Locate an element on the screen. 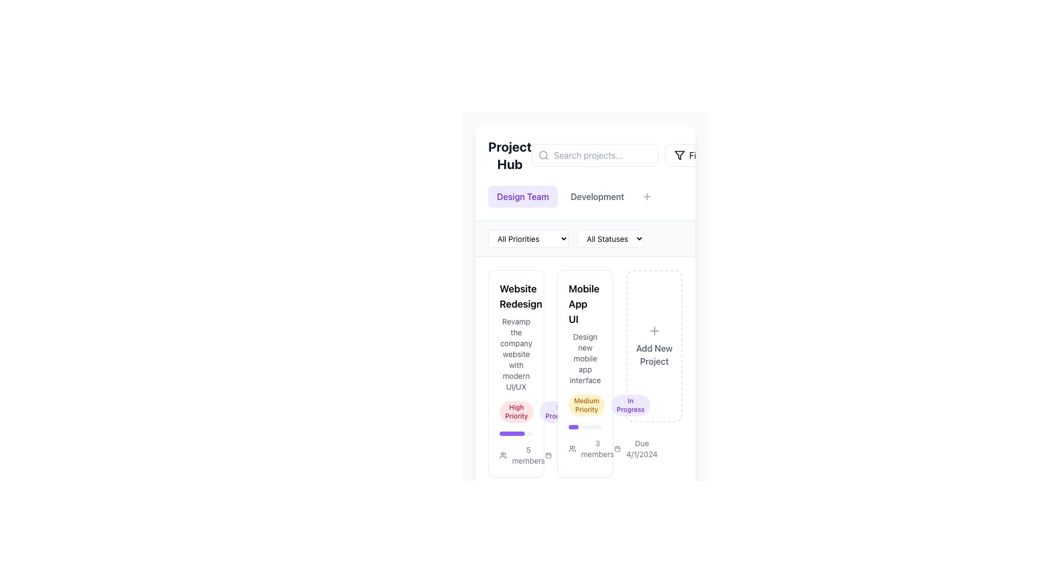 This screenshot has width=1044, height=587. the progress bar that visually represents 75% task completion, located centrally at the bottom of the 'Website Redesign' card, below the badges and above the '5 members' text is located at coordinates (515, 433).